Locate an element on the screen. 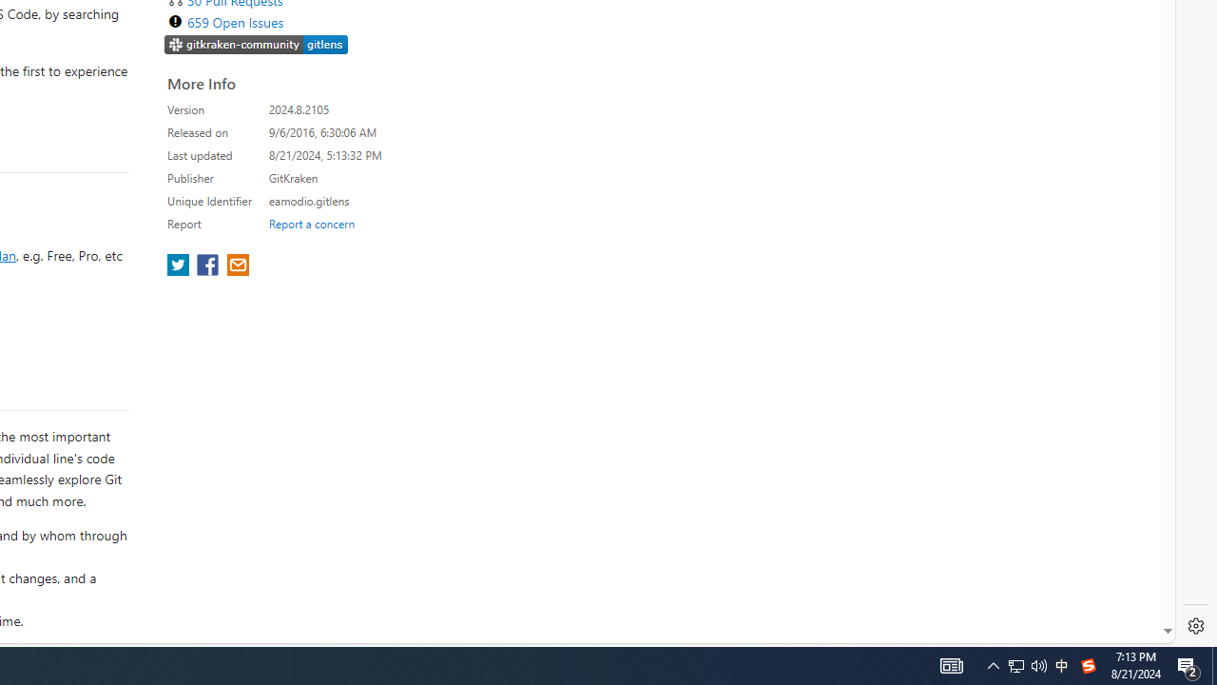  'https://slack.gitkraken.com//' is located at coordinates (256, 45).